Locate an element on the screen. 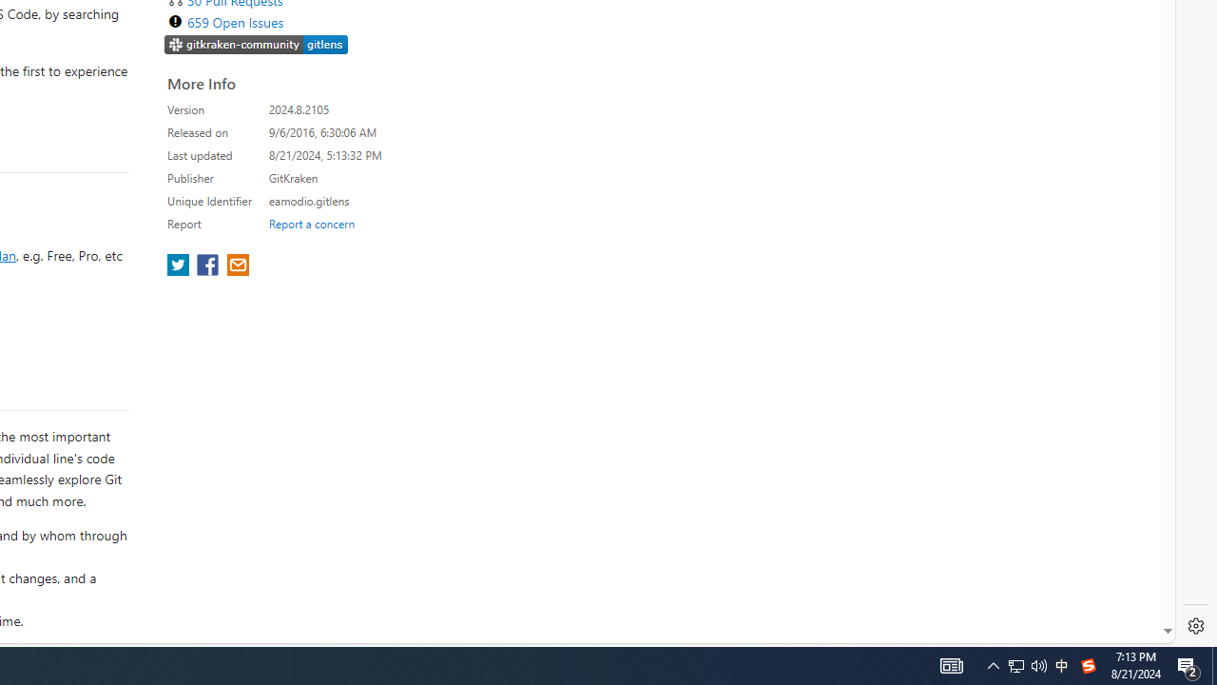  'https://slack.gitkraken.com//' is located at coordinates (256, 45).